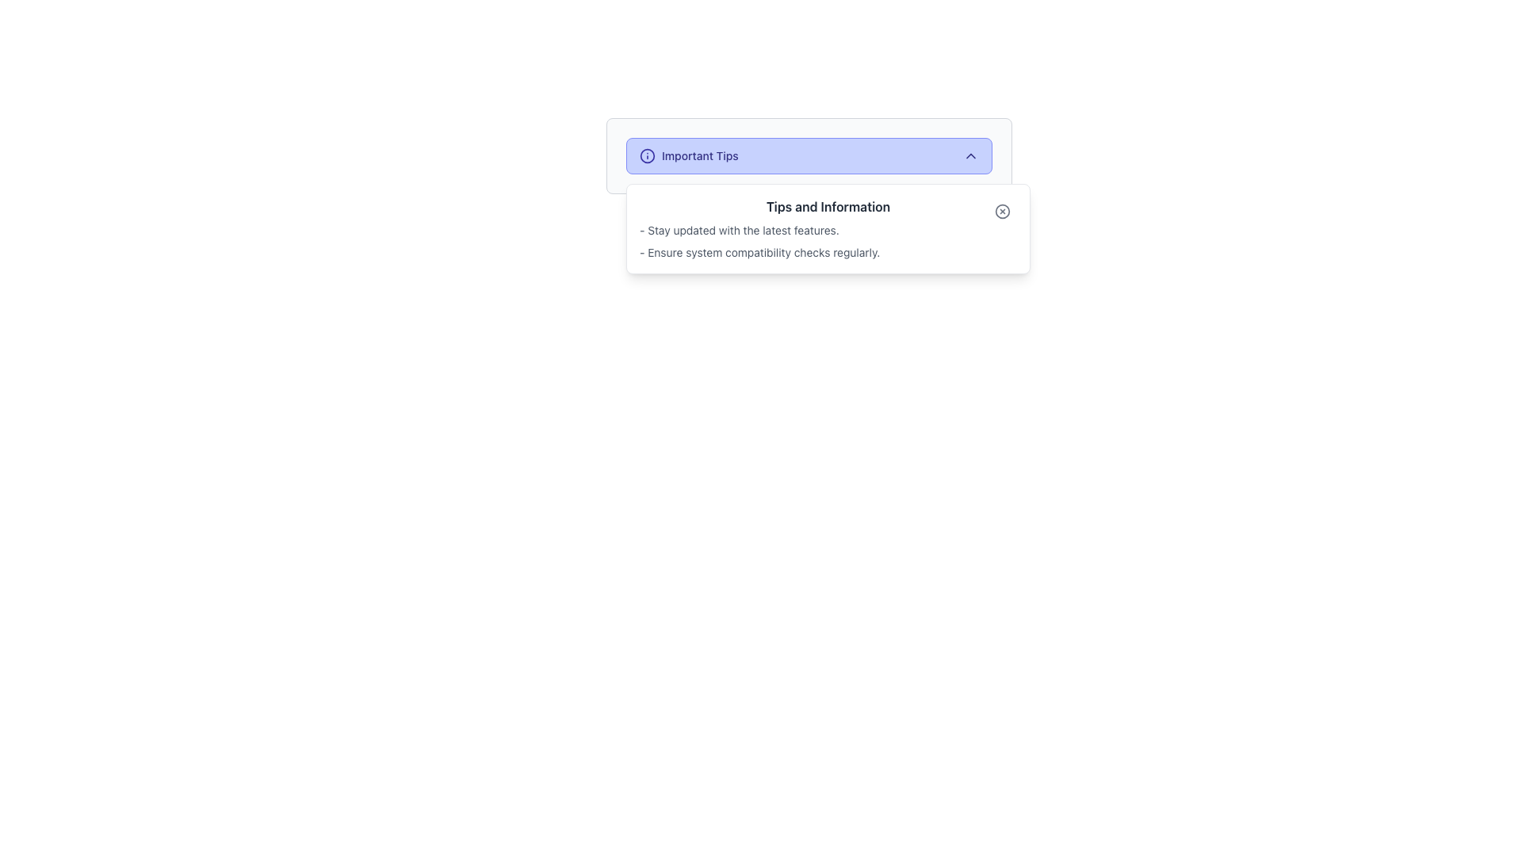  I want to click on the informational icon that precedes the text labeled 'Important Tips' on a light purple background, so click(647, 155).